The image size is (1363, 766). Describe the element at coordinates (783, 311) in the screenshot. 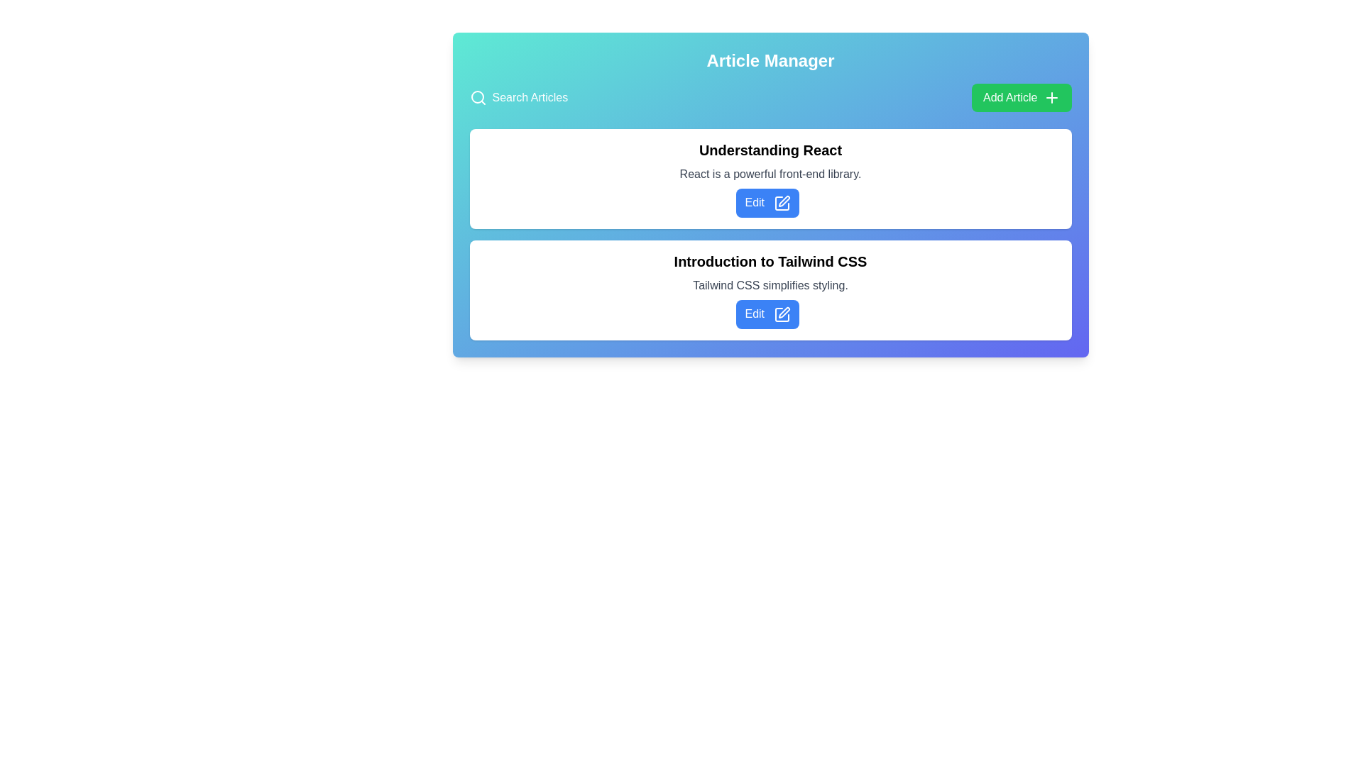

I see `the small pen-shaped icon representing an editing tool associated with the 'Edit' button under the article 'Introduction to Tailwind CSS' to initiate editing the corresponding article` at that location.